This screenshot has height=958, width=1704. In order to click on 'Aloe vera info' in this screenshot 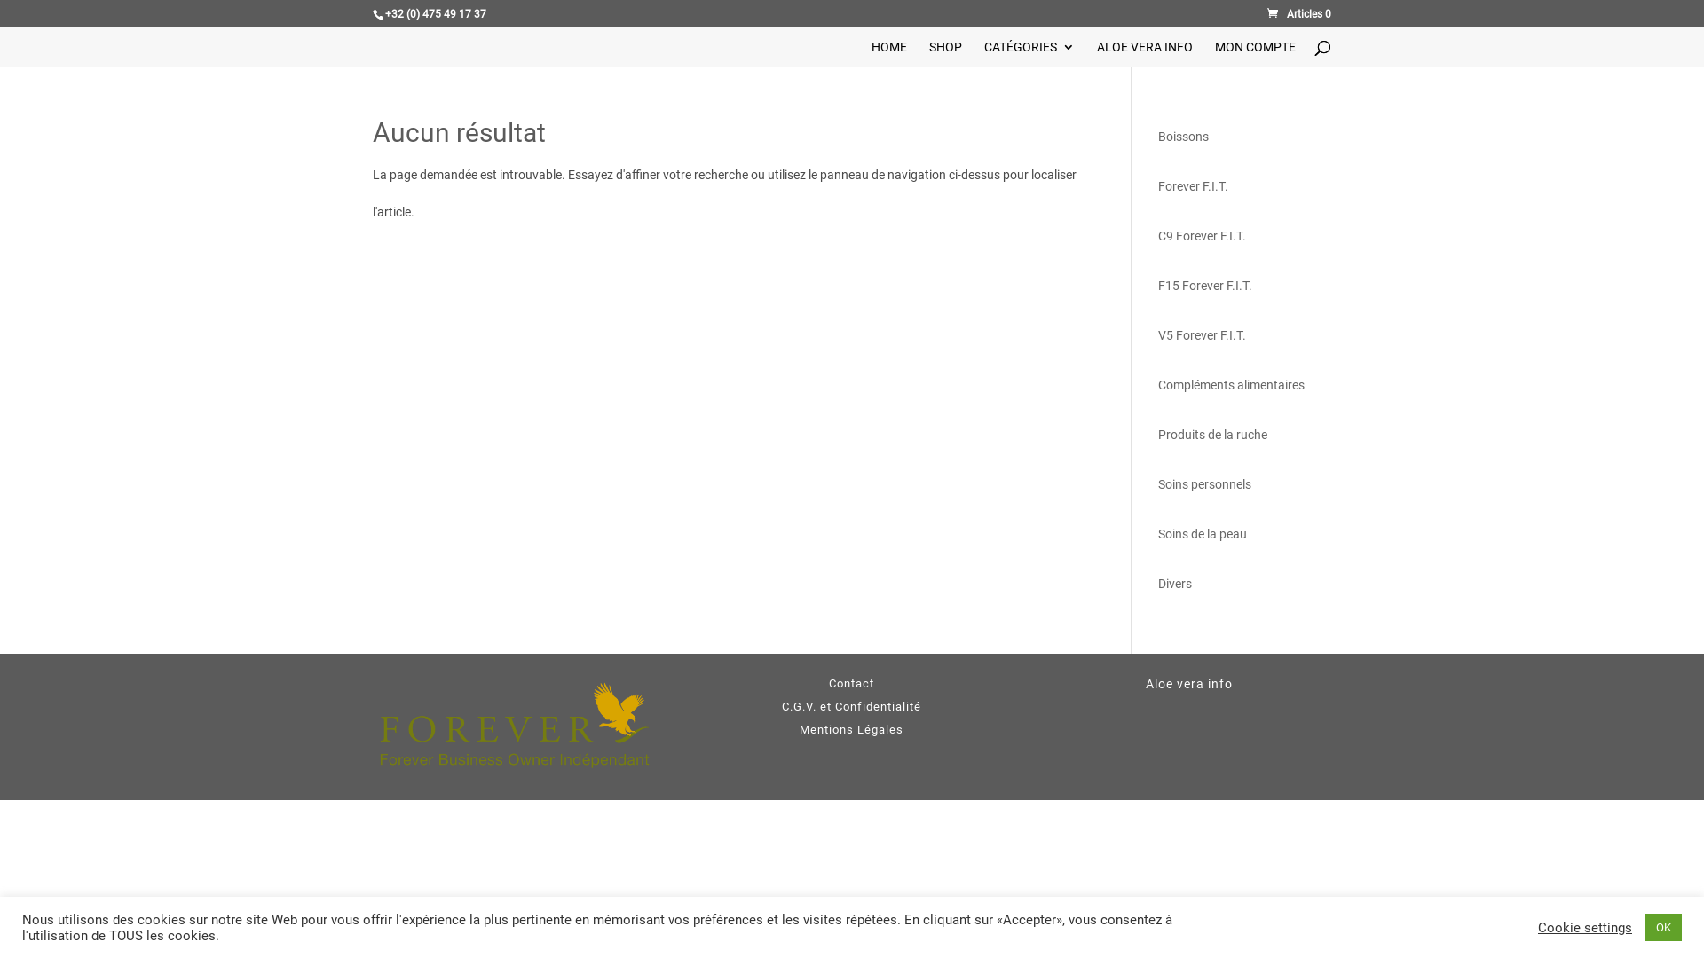, I will do `click(1188, 683)`.